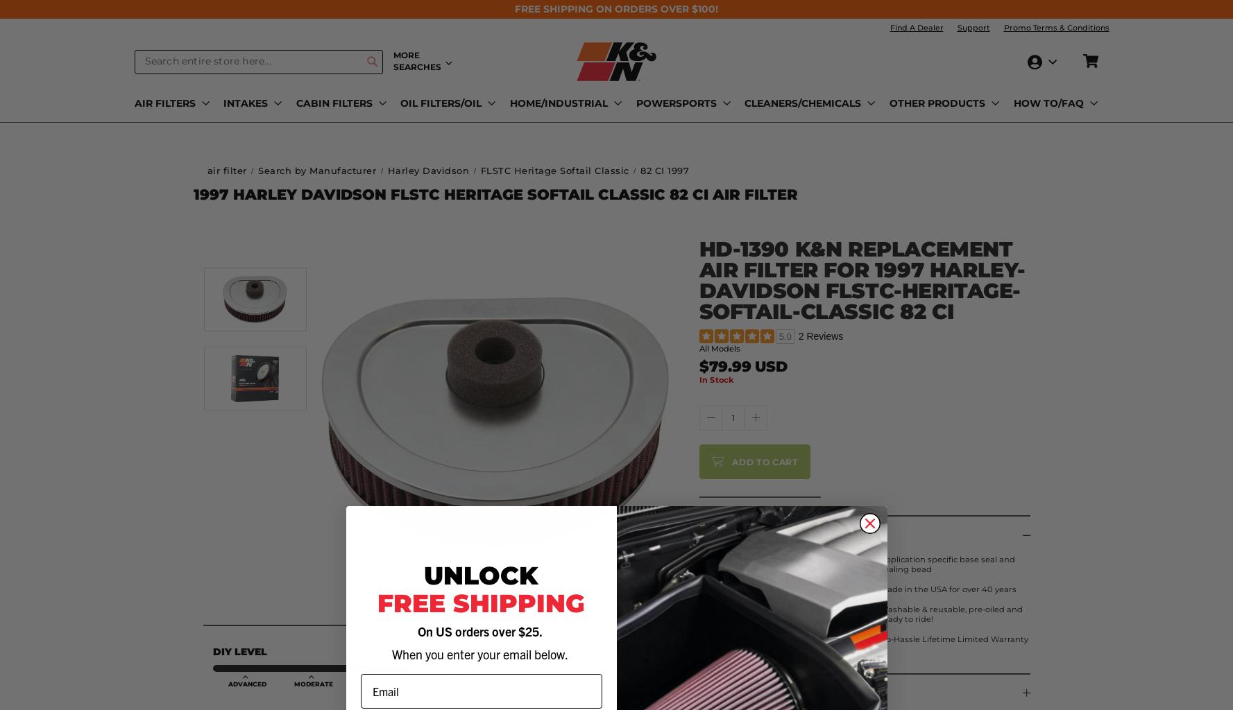  I want to click on 'FREE SHIPPING ON ORDERS OVER $100!', so click(514, 9).